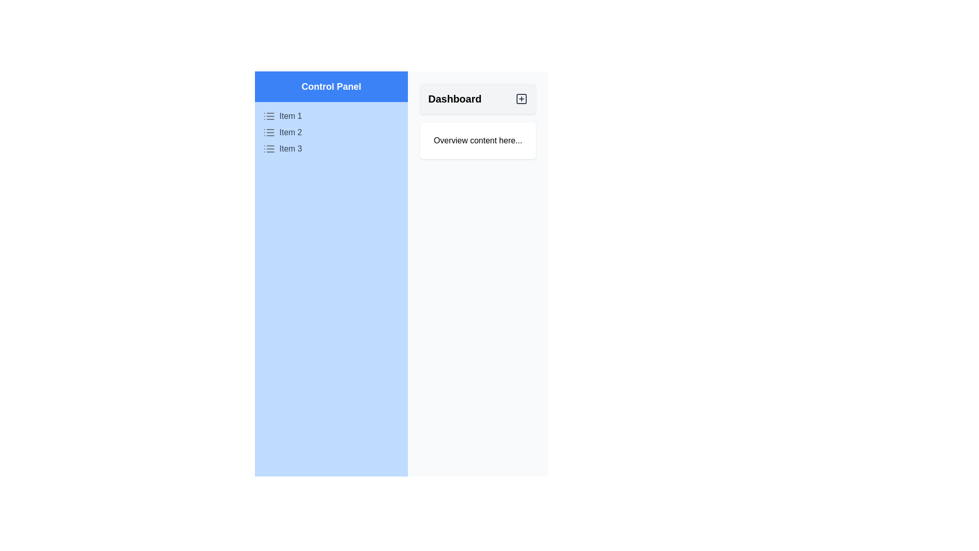 This screenshot has width=979, height=551. What do you see at coordinates (269, 115) in the screenshot?
I see `the icon representing 'Item 1' in the sidebar under 'Control Panel'` at bounding box center [269, 115].